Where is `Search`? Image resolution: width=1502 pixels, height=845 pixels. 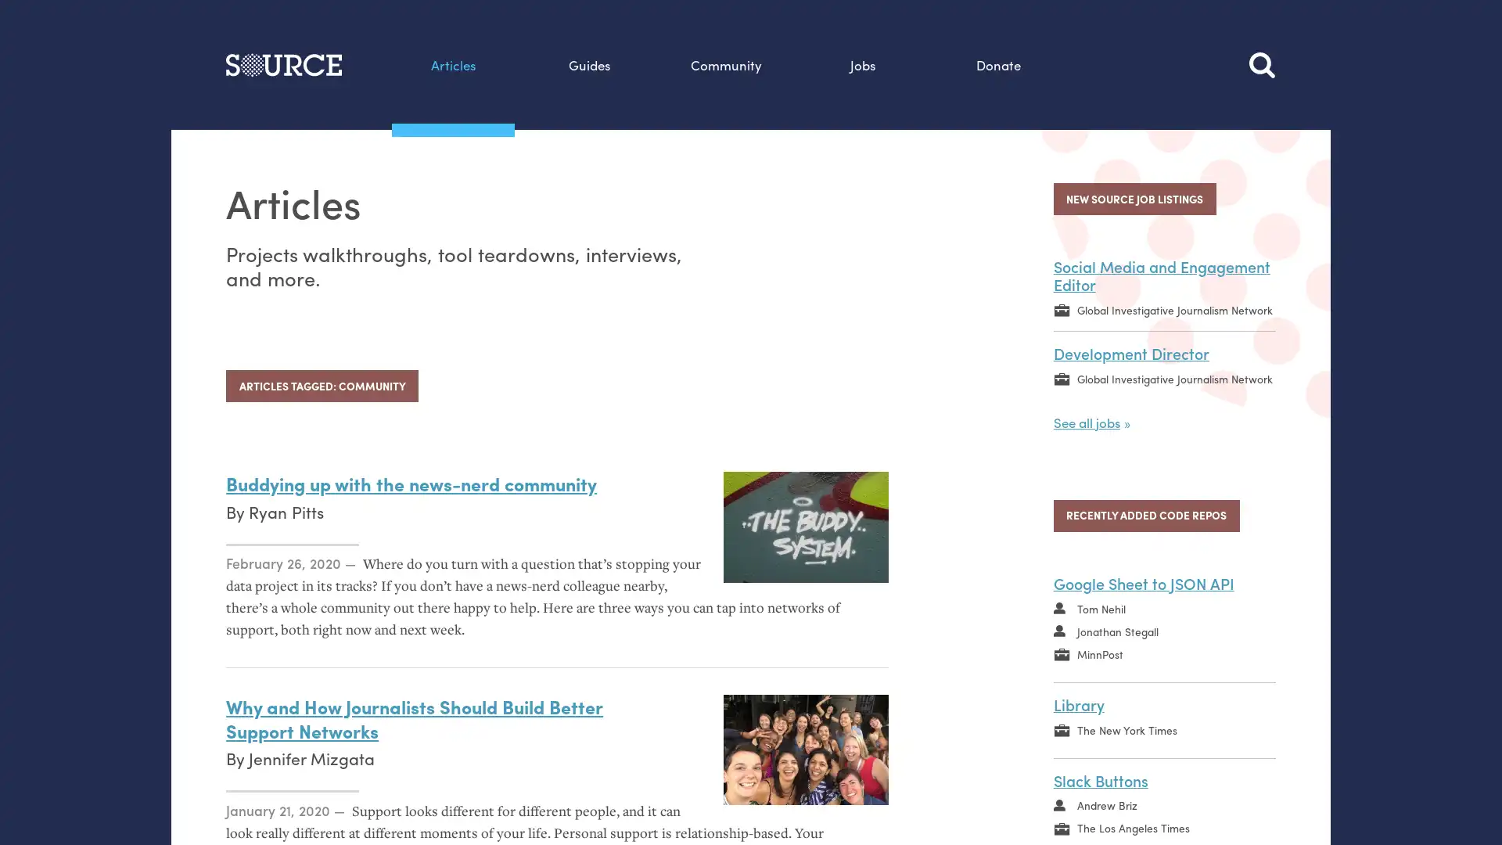
Search is located at coordinates (1261, 203).